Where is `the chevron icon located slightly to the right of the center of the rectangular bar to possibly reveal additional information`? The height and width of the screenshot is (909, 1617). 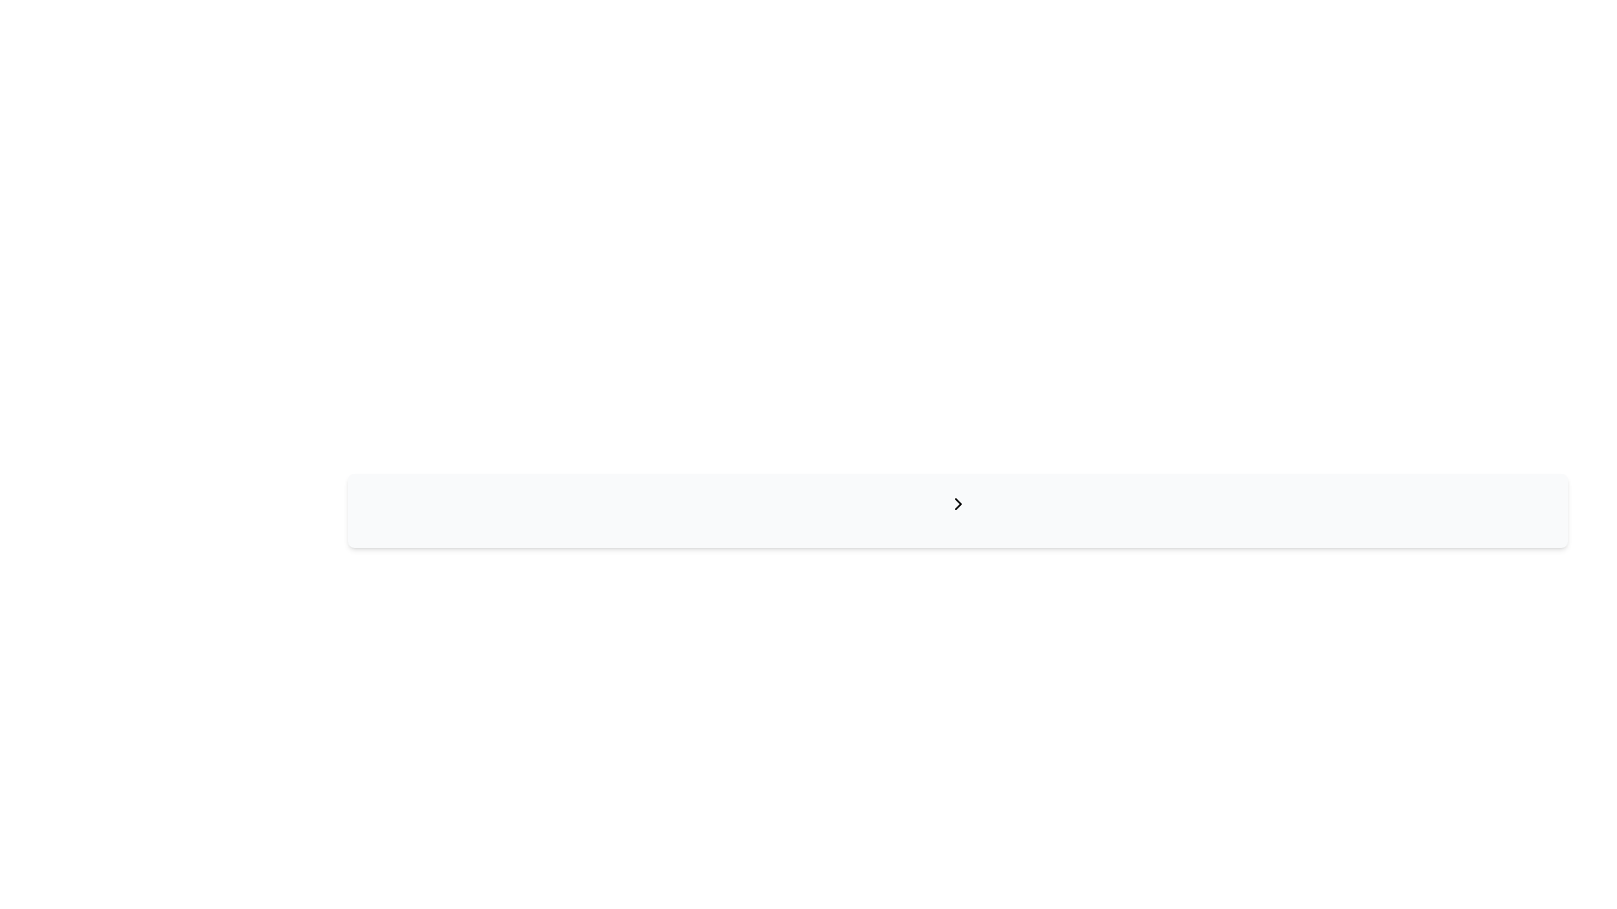 the chevron icon located slightly to the right of the center of the rectangular bar to possibly reveal additional information is located at coordinates (958, 502).